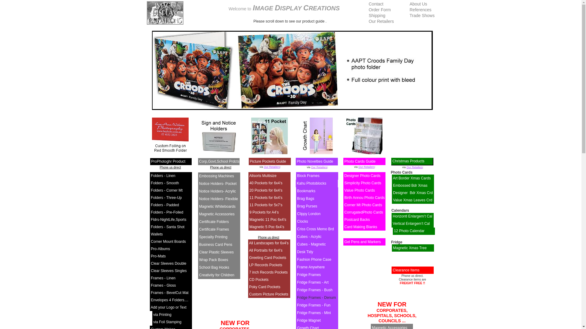  Describe the element at coordinates (302, 221) in the screenshot. I see `'Clocks'` at that location.